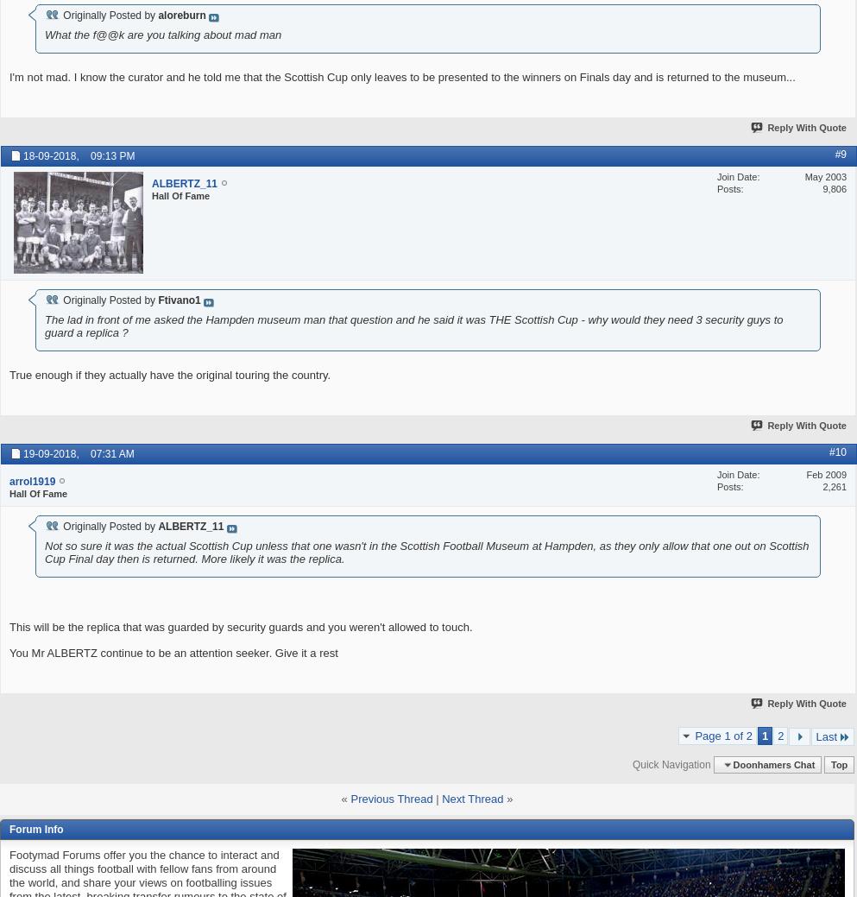  What do you see at coordinates (36, 829) in the screenshot?
I see `'Forum Info'` at bounding box center [36, 829].